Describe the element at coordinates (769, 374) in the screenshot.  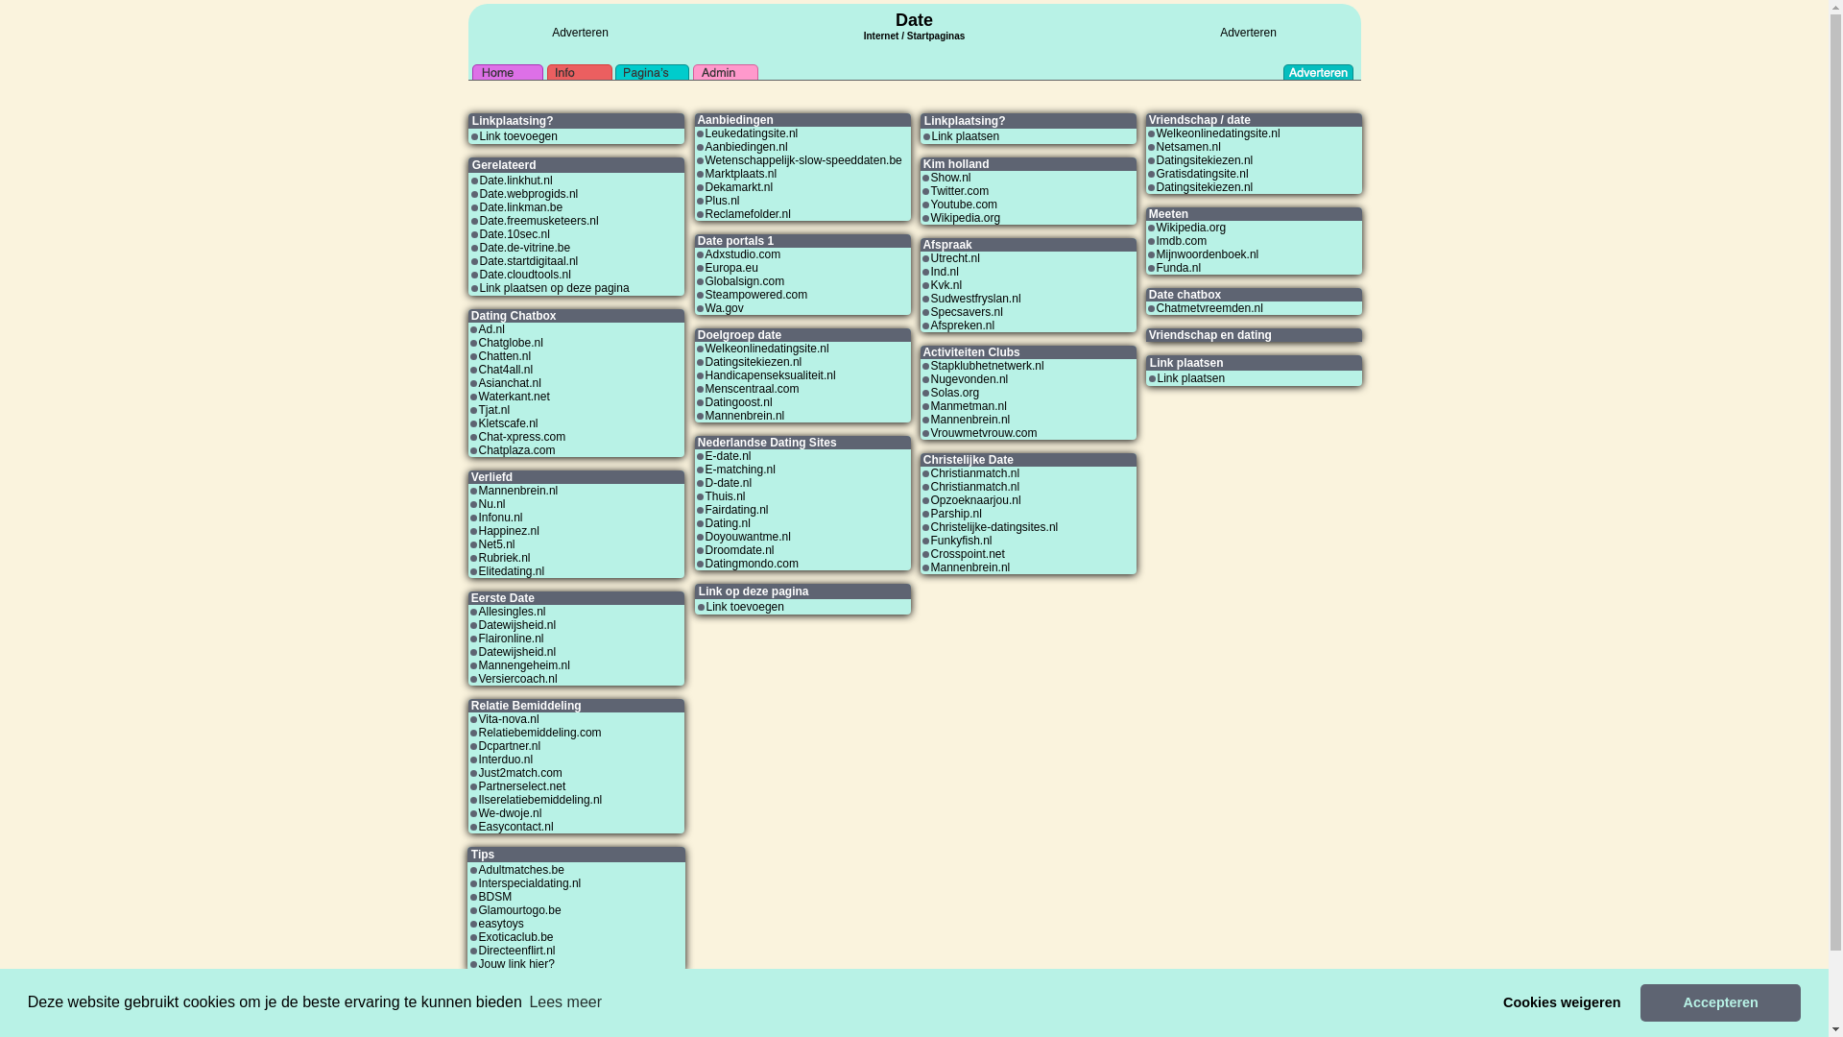
I see `'Handicapenseksualiteit.nl'` at that location.